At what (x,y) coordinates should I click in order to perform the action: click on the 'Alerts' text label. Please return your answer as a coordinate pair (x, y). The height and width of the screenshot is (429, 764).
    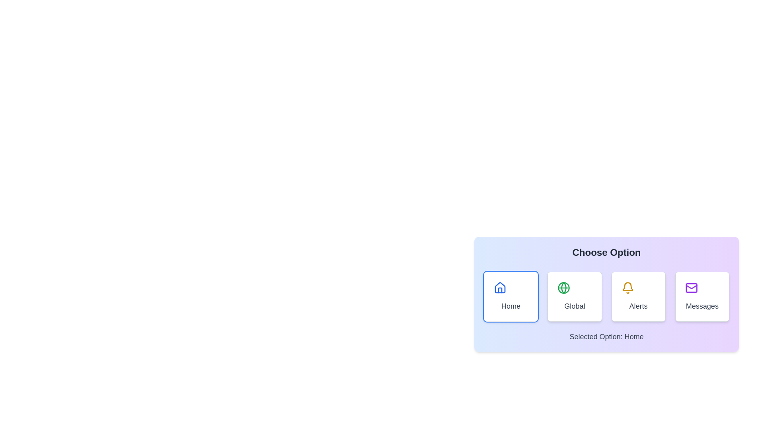
    Looking at the image, I should click on (638, 306).